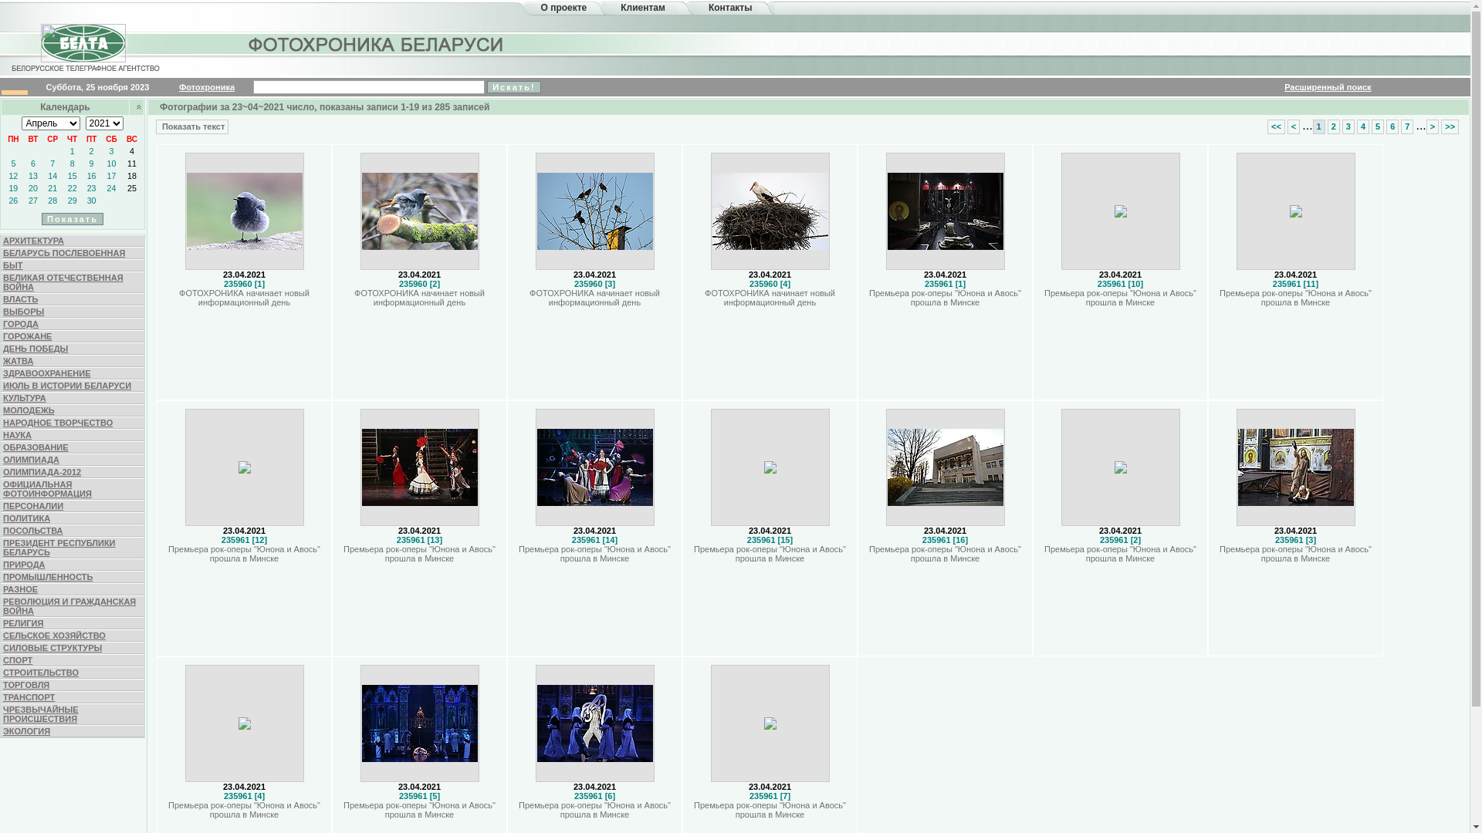 The image size is (1482, 833). What do you see at coordinates (72, 174) in the screenshot?
I see `'15'` at bounding box center [72, 174].